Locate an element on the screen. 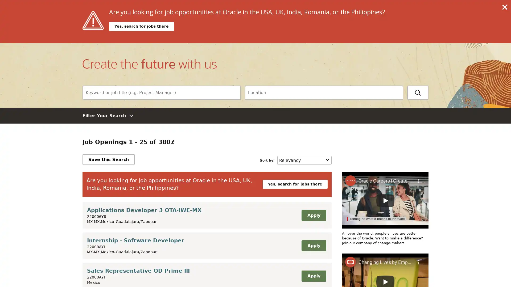 The image size is (511, 287). Apply is located at coordinates (314, 275).